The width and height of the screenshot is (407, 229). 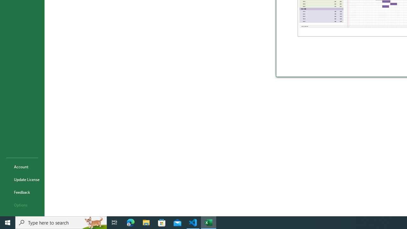 What do you see at coordinates (22, 166) in the screenshot?
I see `'Account'` at bounding box center [22, 166].